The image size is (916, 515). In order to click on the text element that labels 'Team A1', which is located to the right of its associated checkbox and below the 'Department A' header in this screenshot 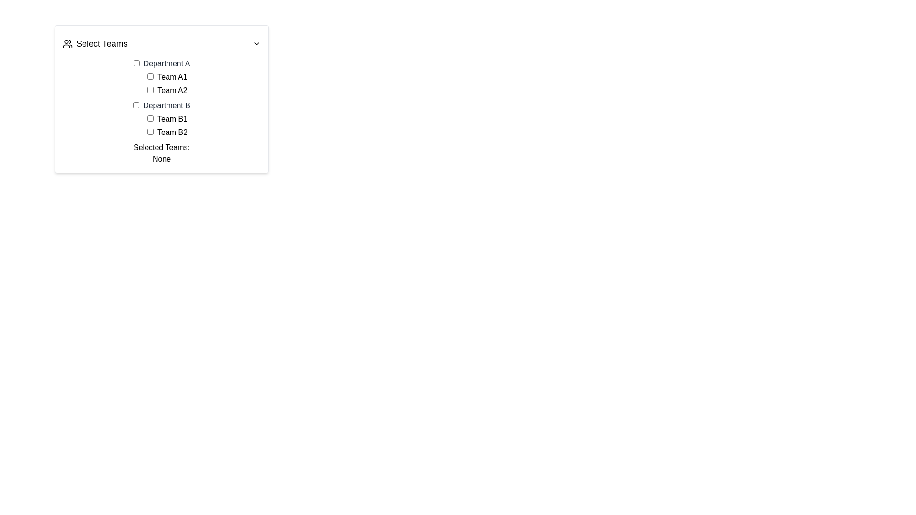, I will do `click(172, 76)`.